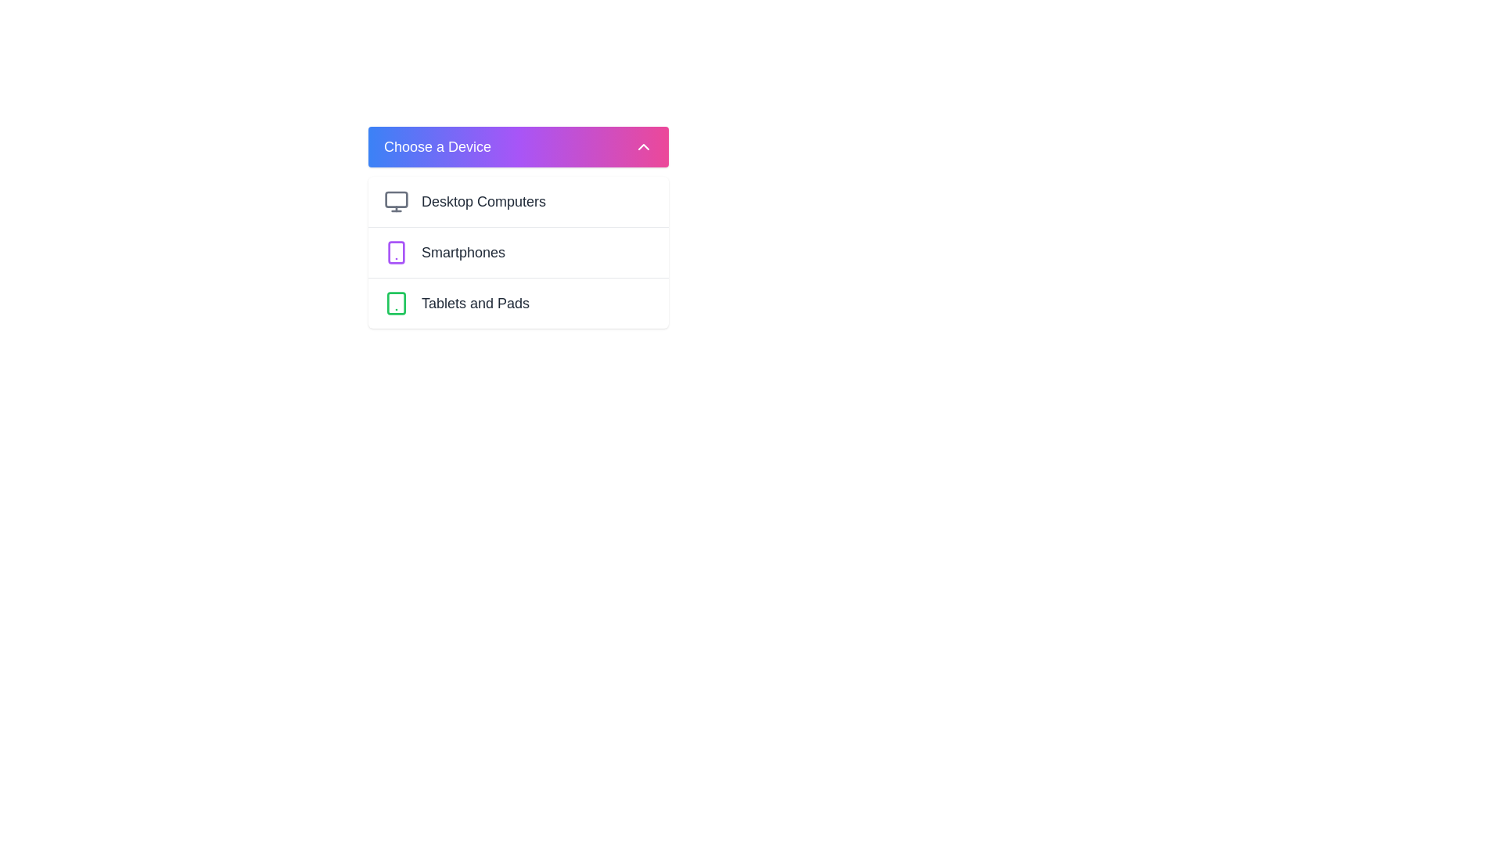  What do you see at coordinates (483, 201) in the screenshot?
I see `the text label indicating 'Desktop Computers' in the dropdown list under 'Choose a Device'` at bounding box center [483, 201].